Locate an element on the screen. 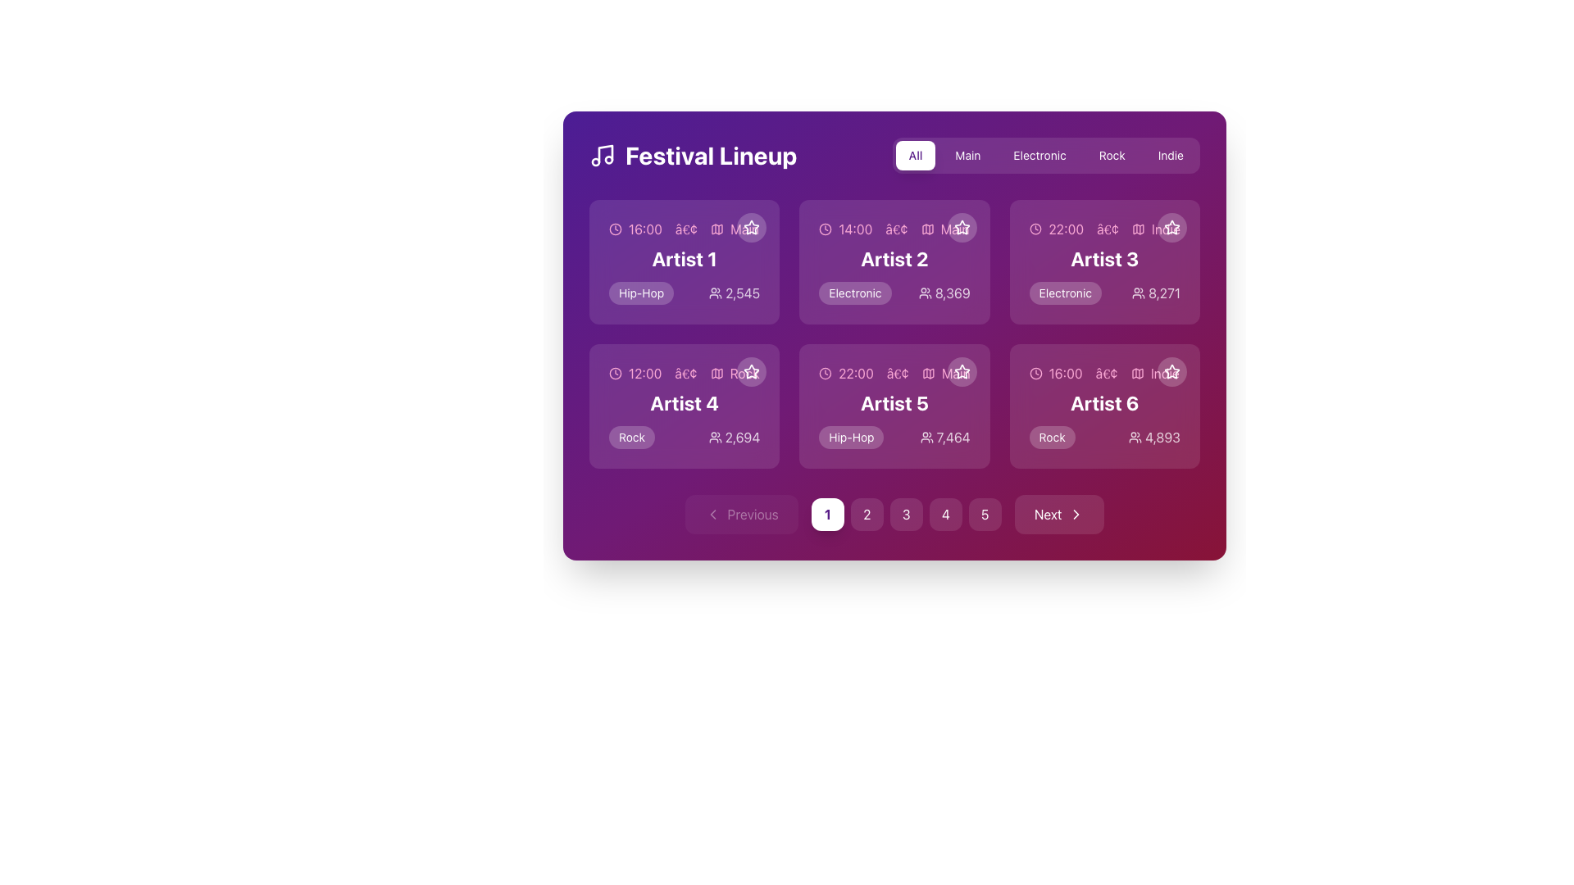  the small star icon button with a white outline located in the top-right corner of the card labeled 'Artist 1' in the 'Festival Lineup' interface to trigger the tooltip or visual effect is located at coordinates (751, 227).